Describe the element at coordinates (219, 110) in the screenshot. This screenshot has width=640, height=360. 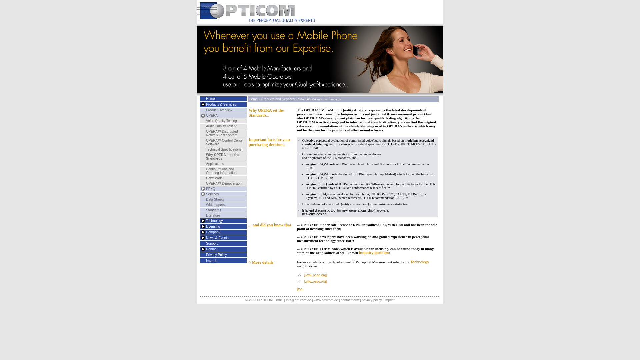
I see `'Product Overview'` at that location.